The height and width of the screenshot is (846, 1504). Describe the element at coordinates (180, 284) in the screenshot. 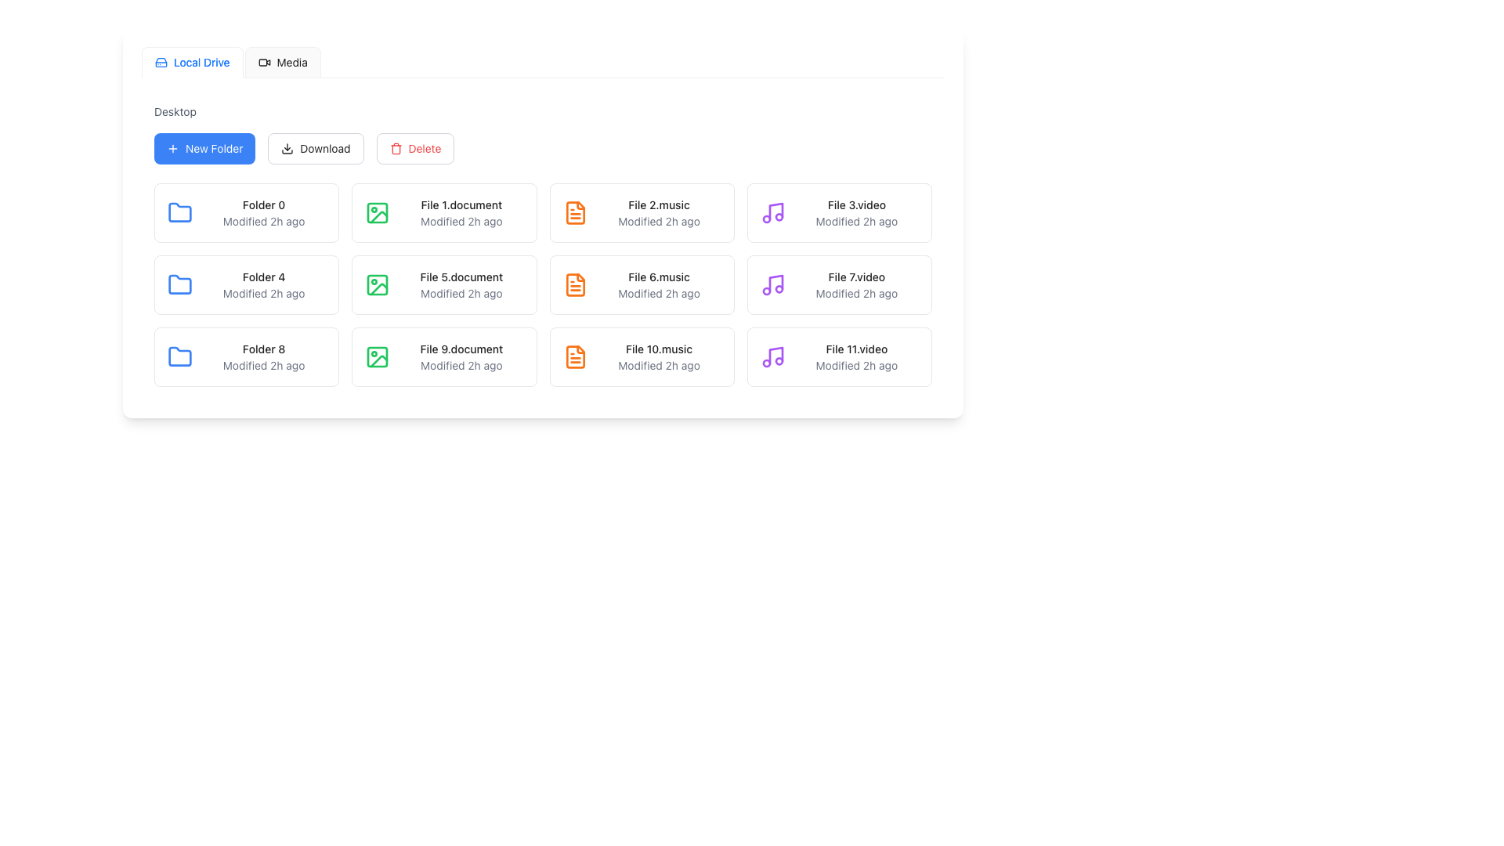

I see `the folder icon representing 'Folder 4'` at that location.